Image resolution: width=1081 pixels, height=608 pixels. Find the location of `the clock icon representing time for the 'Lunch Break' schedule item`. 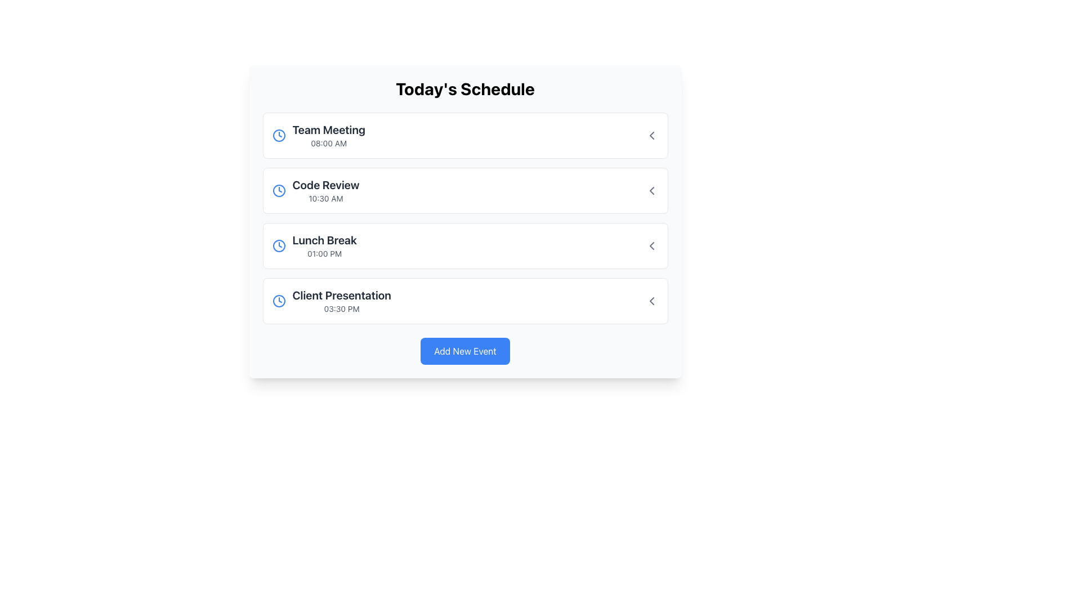

the clock icon representing time for the 'Lunch Break' schedule item is located at coordinates (279, 245).